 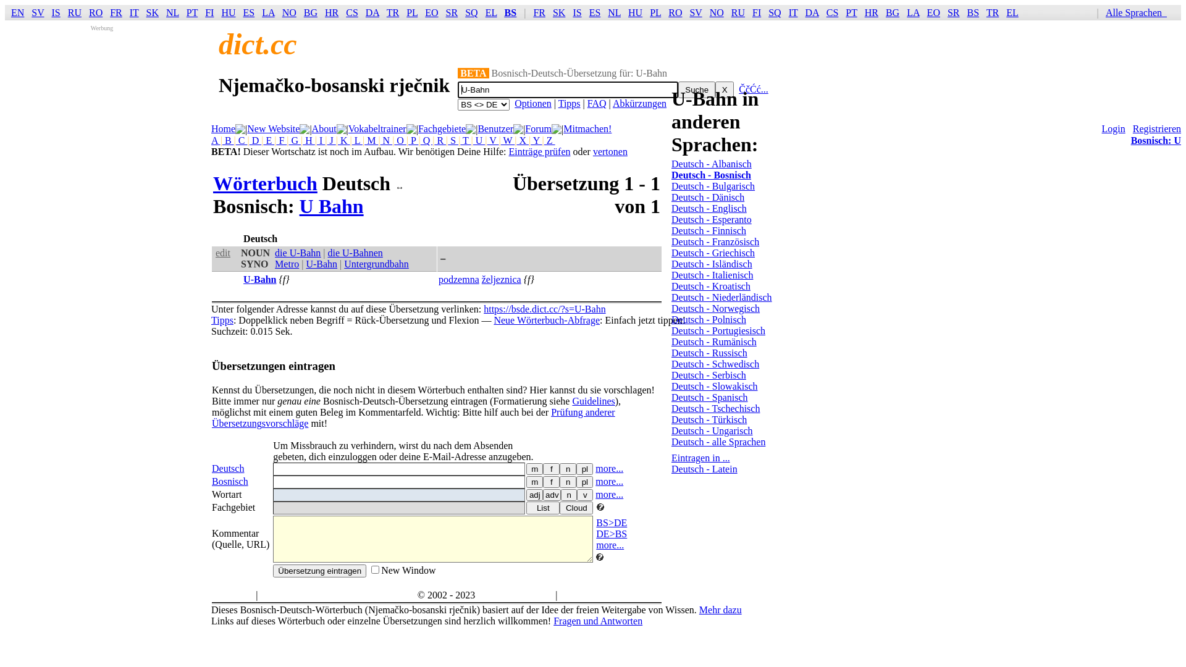 What do you see at coordinates (88, 12) in the screenshot?
I see `'RO'` at bounding box center [88, 12].